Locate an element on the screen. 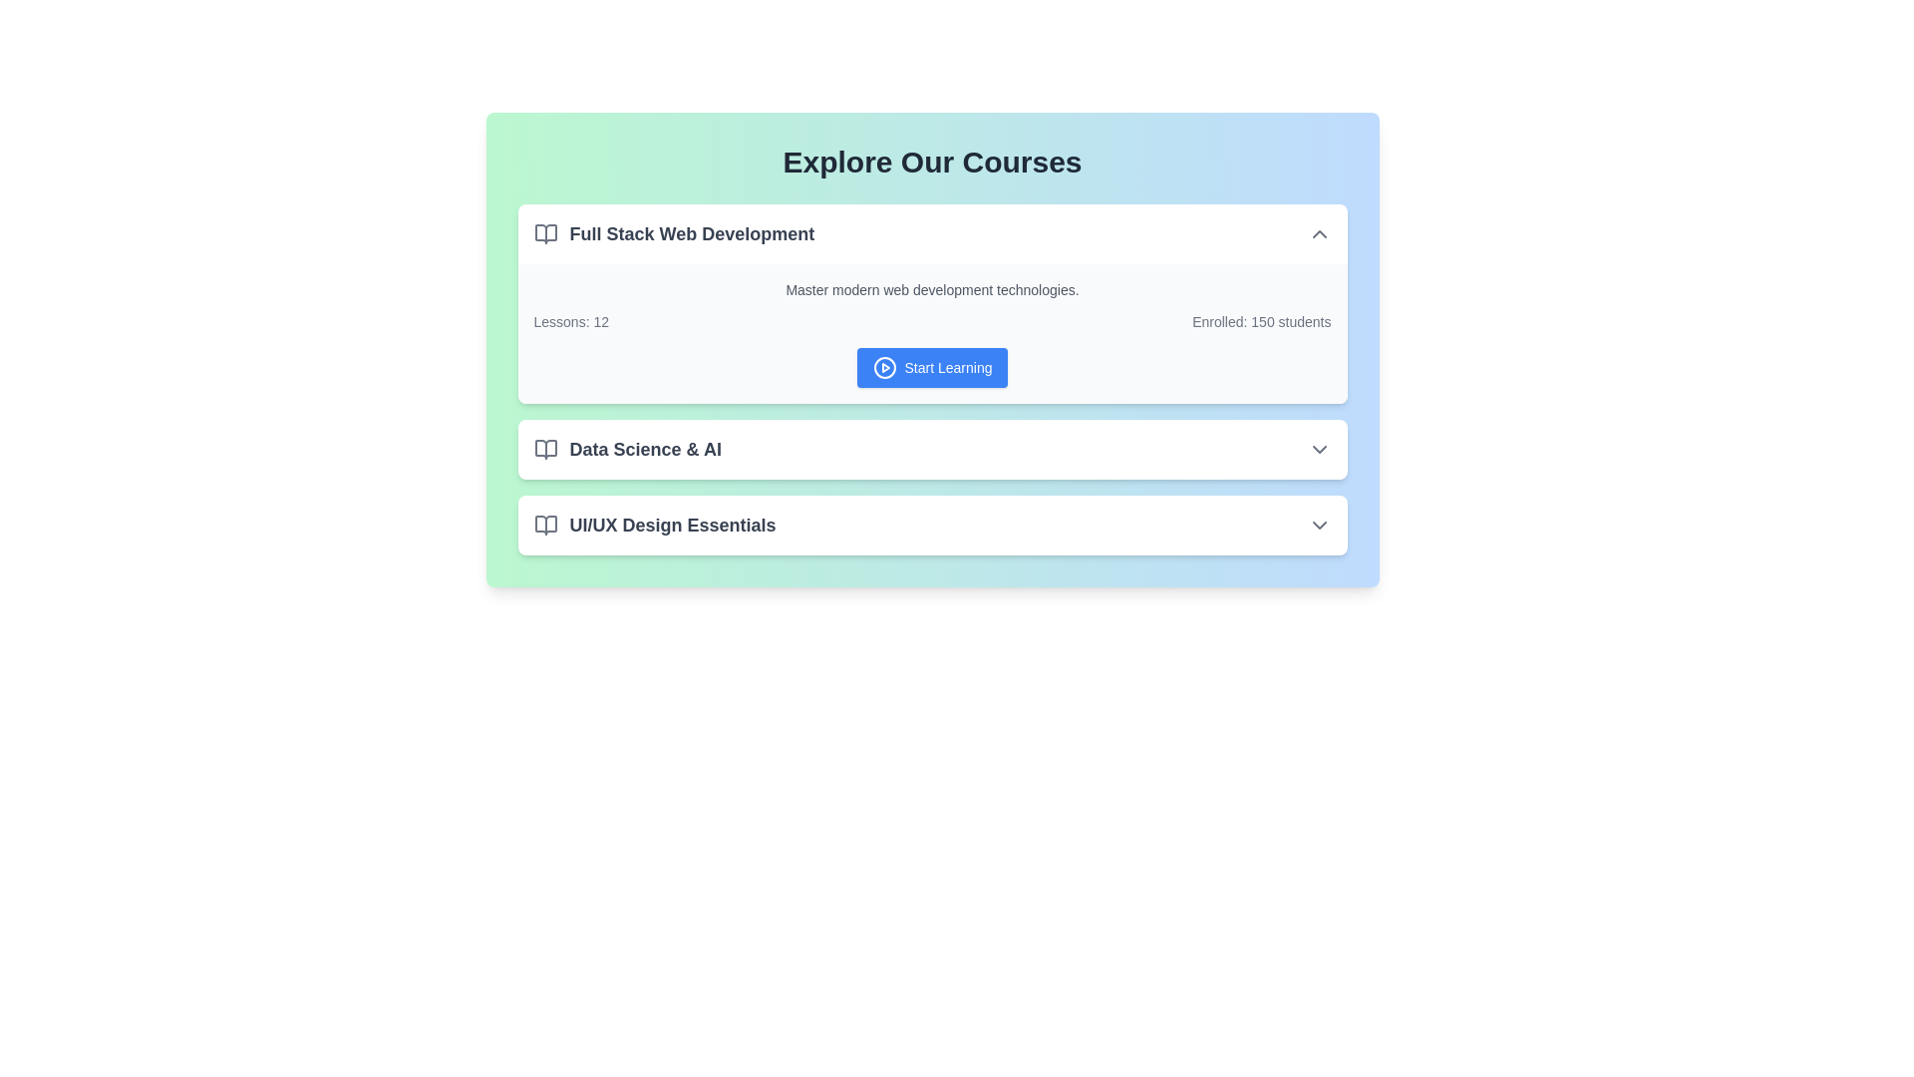 The image size is (1914, 1077). the icon representing the 'UI/UX Design Essentials' course, located to the left of its title in the 'Explore Our Courses' section is located at coordinates (545, 525).